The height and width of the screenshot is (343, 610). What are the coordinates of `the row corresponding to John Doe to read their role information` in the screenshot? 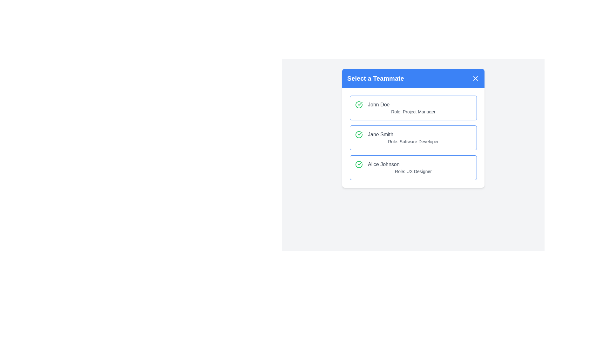 It's located at (413, 107).